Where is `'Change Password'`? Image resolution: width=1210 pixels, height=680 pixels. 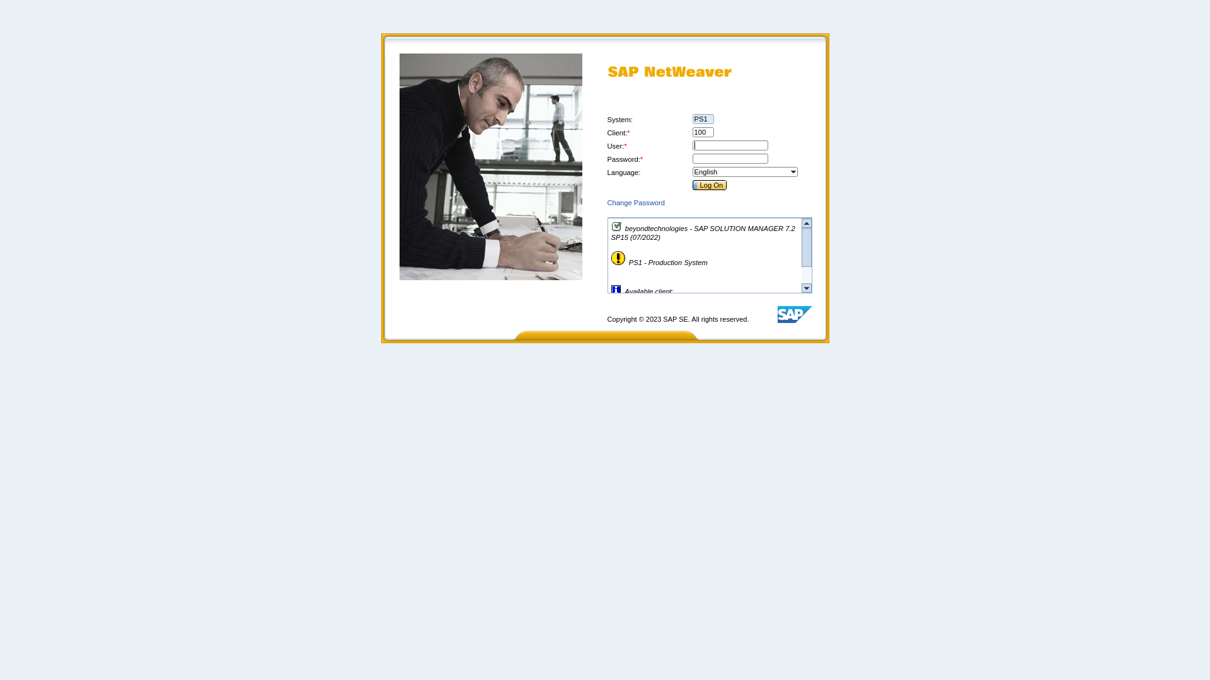
'Change Password' is located at coordinates (636, 201).